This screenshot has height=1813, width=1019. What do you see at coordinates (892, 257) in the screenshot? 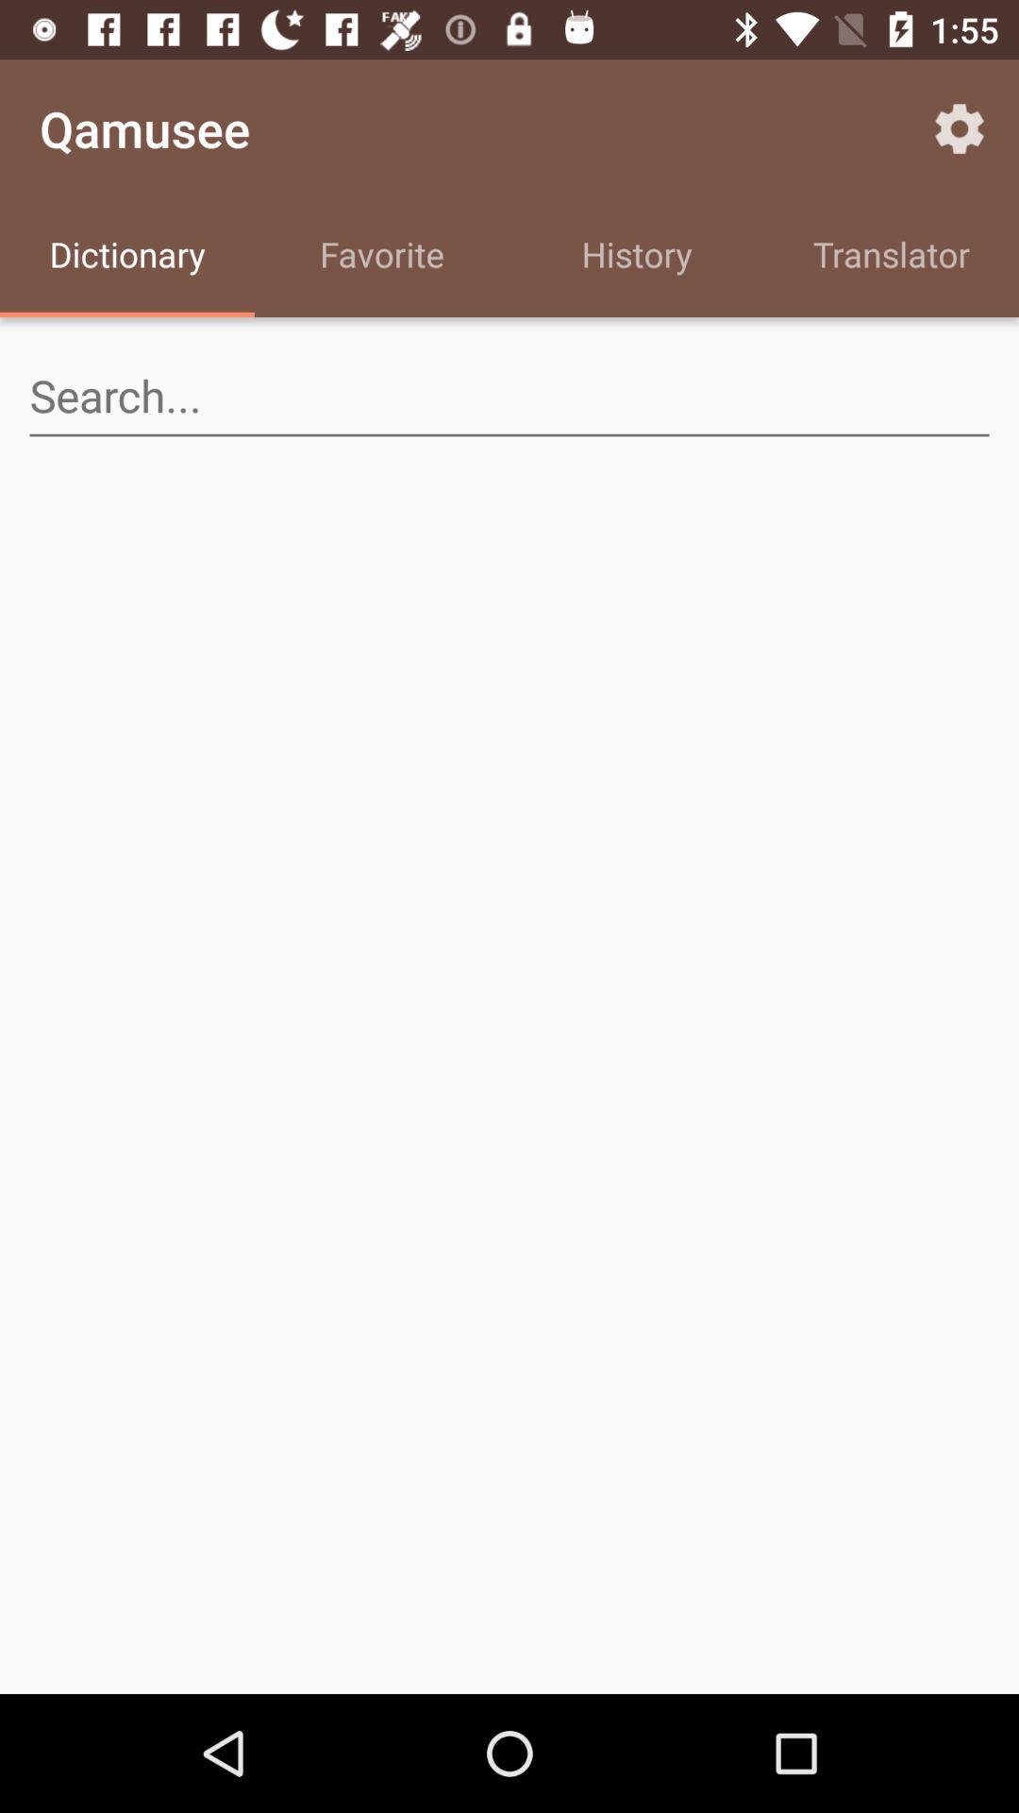
I see `the icon next to history item` at bounding box center [892, 257].